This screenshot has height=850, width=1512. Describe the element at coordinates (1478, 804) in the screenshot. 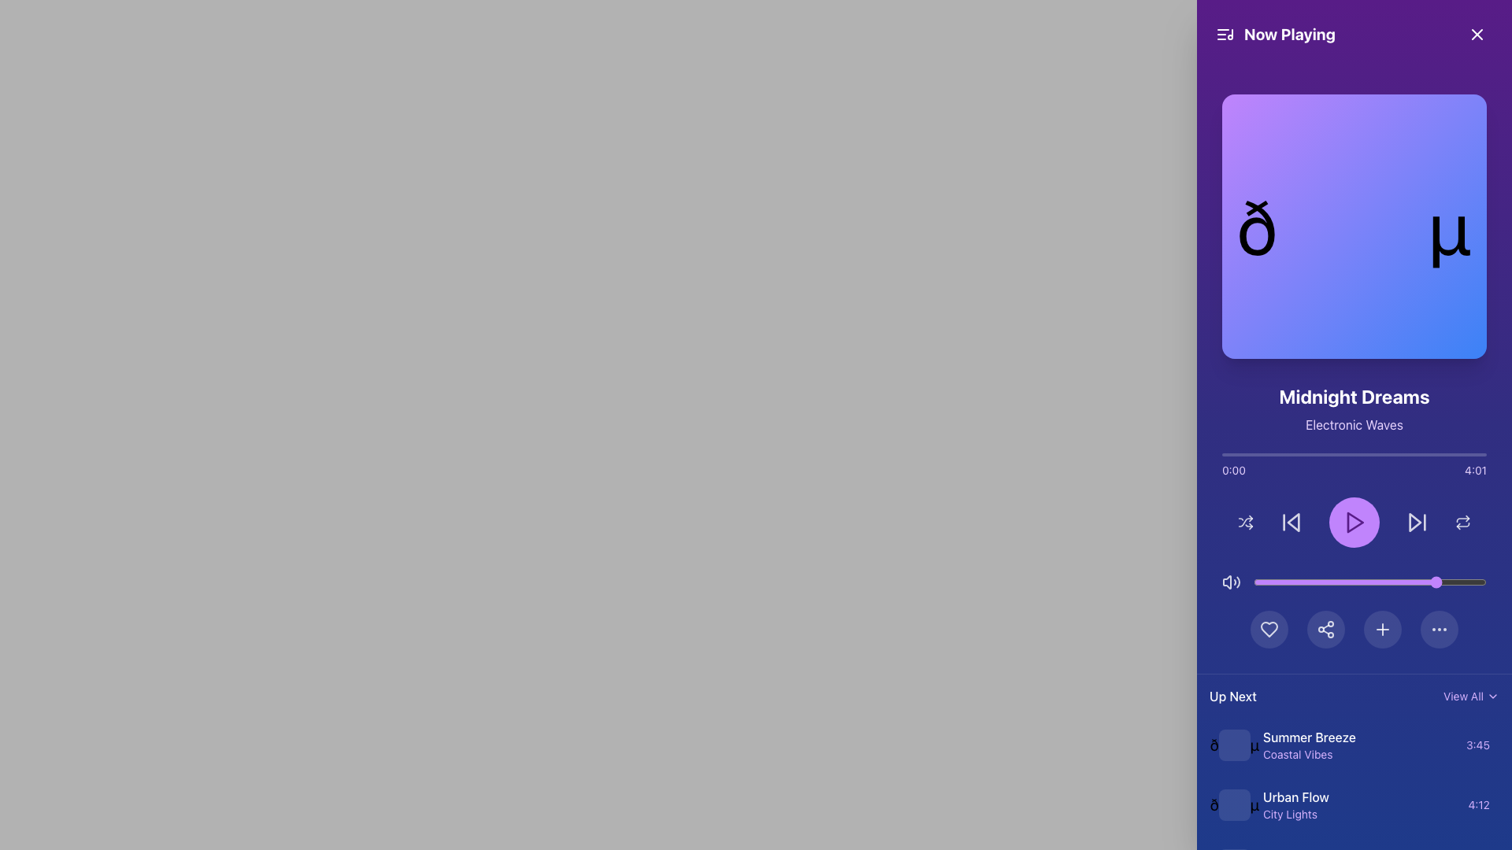

I see `the song duration displayed in the label for 'Urban Flow' located in the 'Up Next' section, aligned to the far-right side of the entry` at that location.